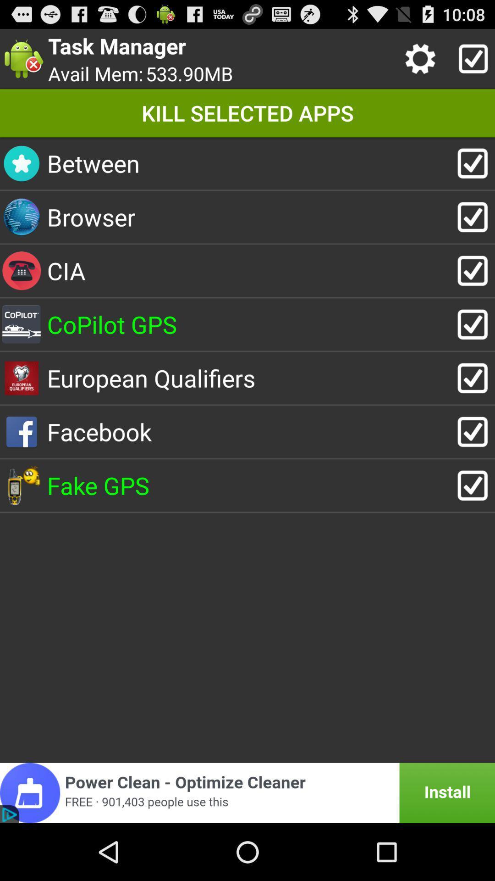 The image size is (495, 881). What do you see at coordinates (247, 792) in the screenshot?
I see `go back` at bounding box center [247, 792].